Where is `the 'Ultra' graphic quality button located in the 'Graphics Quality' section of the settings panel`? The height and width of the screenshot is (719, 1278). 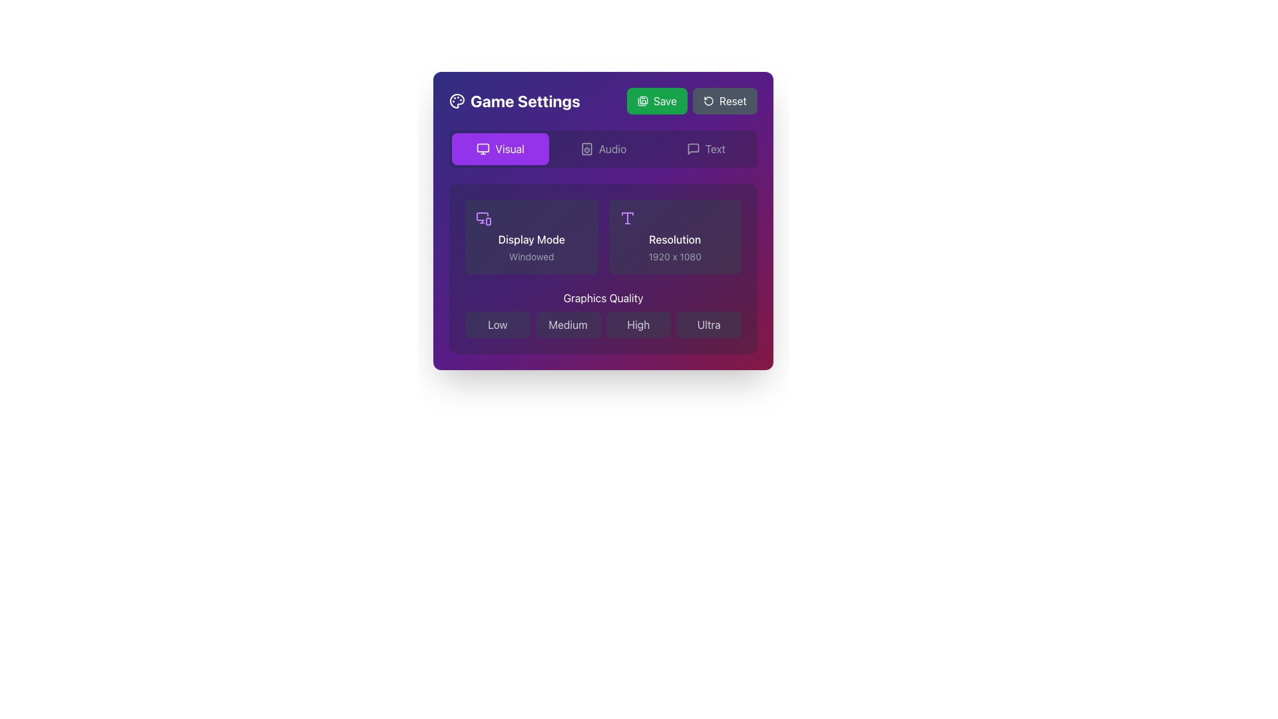
the 'Ultra' graphic quality button located in the 'Graphics Quality' section of the settings panel is located at coordinates (708, 325).